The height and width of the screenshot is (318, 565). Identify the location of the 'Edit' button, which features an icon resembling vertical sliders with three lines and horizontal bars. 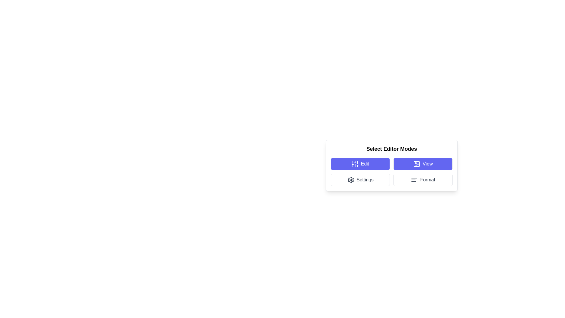
(355, 164).